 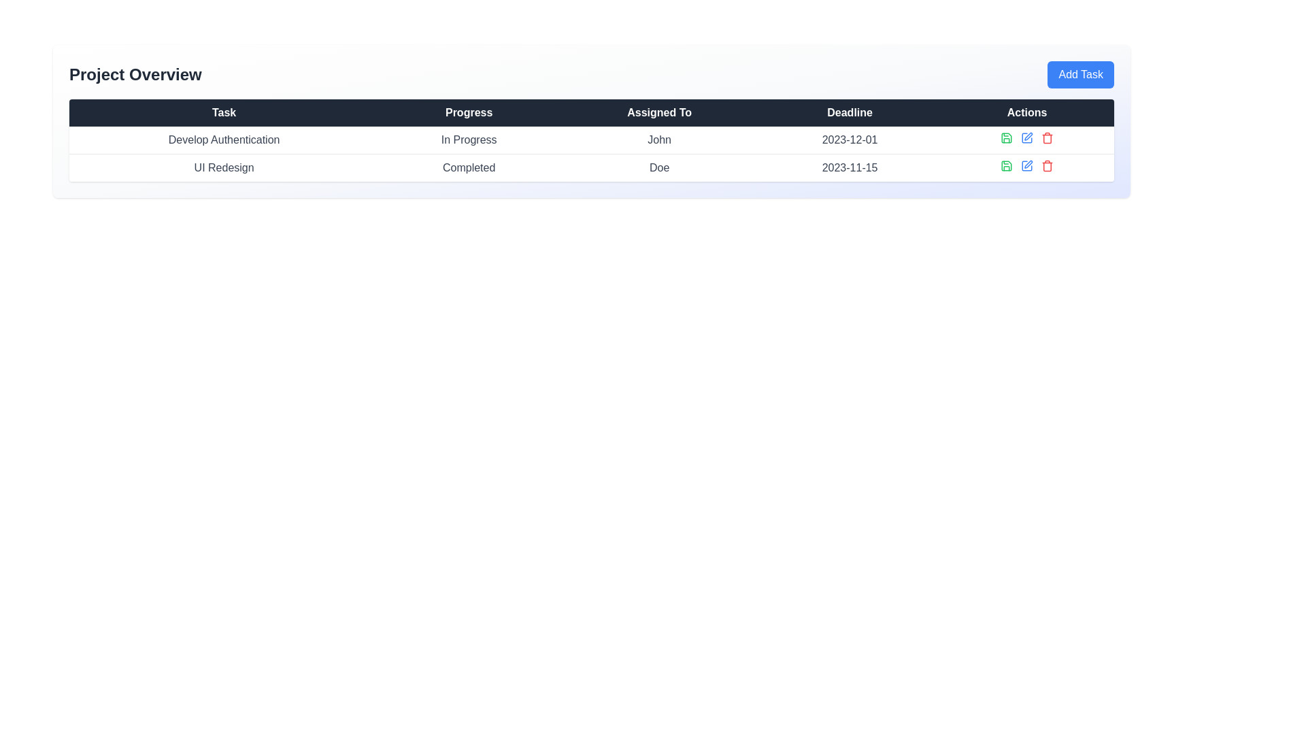 What do you see at coordinates (469, 112) in the screenshot?
I see `the 'Progress' column header text label in the table, which is the second column header located to the right of the 'Task' column and to the left of the 'Assigned To' column` at bounding box center [469, 112].